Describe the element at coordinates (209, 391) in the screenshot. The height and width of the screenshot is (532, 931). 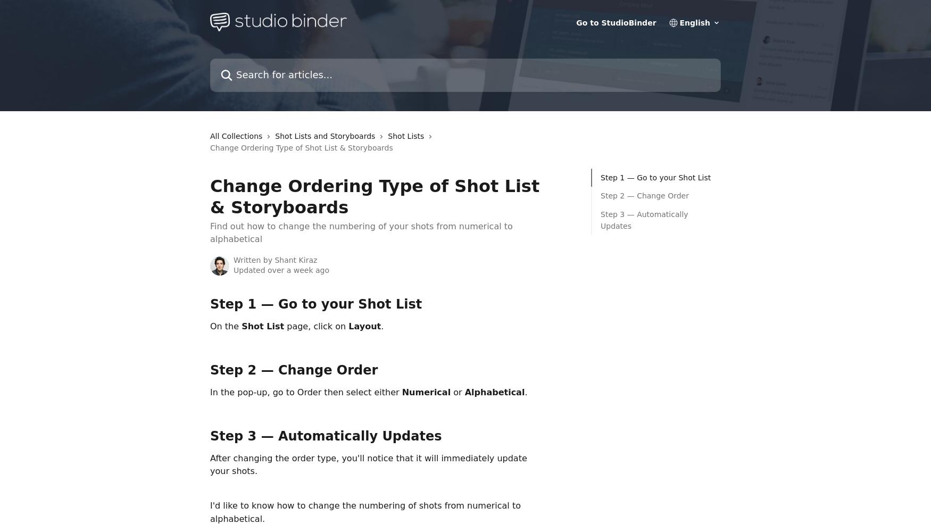
I see `'In the pop-up, go to Order then select either'` at that location.